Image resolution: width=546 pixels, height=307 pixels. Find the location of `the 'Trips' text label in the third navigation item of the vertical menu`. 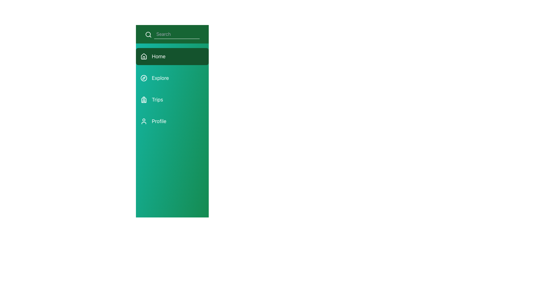

the 'Trips' text label in the third navigation item of the vertical menu is located at coordinates (157, 99).